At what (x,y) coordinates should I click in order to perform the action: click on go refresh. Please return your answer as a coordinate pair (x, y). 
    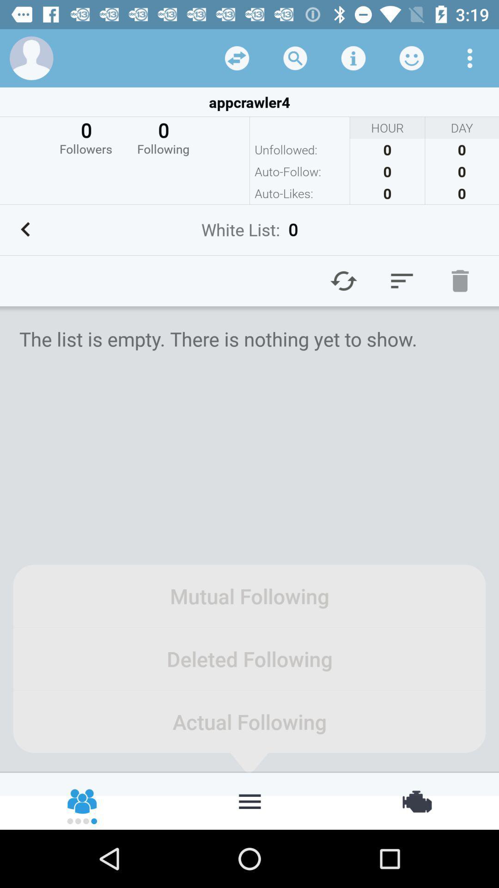
    Looking at the image, I should click on (344, 280).